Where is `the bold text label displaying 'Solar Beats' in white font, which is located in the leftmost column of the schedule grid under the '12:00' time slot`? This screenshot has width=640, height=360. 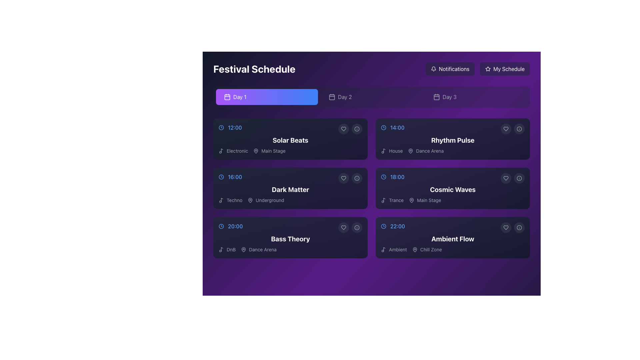 the bold text label displaying 'Solar Beats' in white font, which is located in the leftmost column of the schedule grid under the '12:00' time slot is located at coordinates (290, 140).